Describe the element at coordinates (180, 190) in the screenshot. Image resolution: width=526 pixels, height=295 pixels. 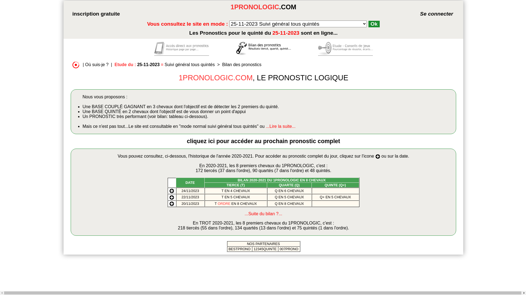
I see `' 24/11/2023 '` at that location.